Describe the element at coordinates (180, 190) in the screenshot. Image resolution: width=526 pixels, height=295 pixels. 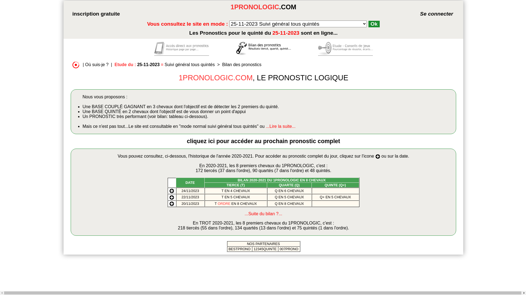
I see `' 24/11/2023 '` at that location.